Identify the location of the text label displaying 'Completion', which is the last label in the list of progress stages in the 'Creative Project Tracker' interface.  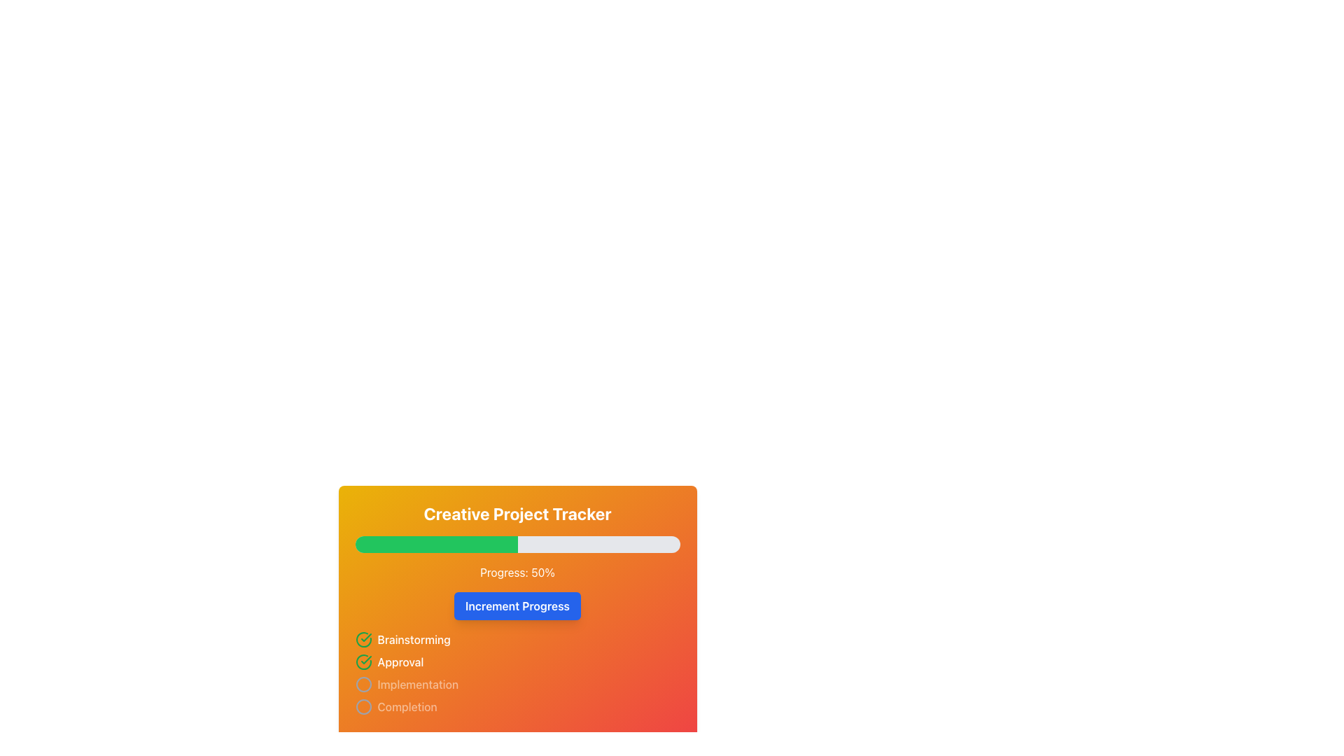
(407, 707).